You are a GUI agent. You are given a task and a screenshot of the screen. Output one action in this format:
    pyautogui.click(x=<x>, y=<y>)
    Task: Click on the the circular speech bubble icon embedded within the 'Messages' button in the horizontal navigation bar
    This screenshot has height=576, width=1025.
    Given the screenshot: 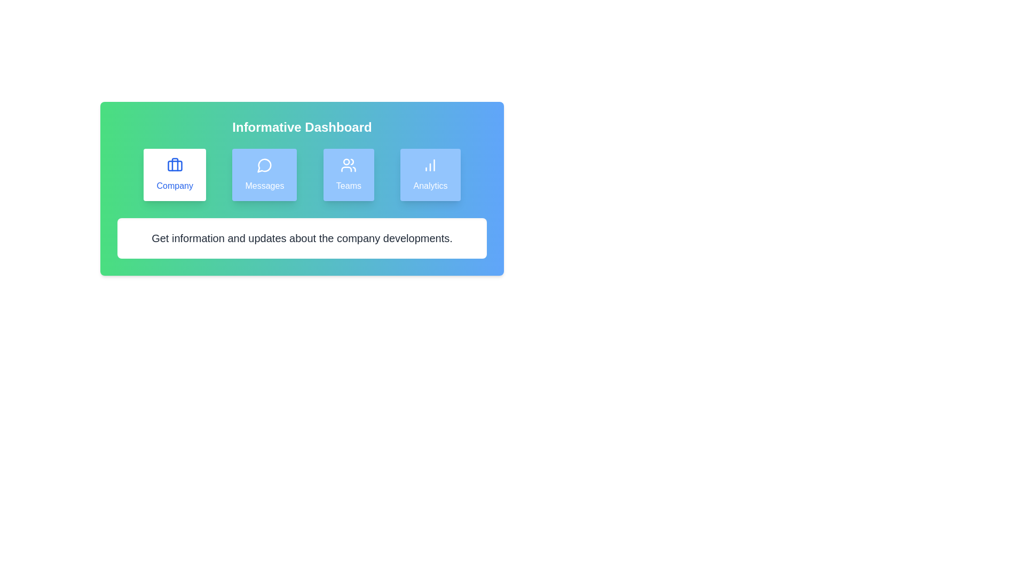 What is the action you would take?
    pyautogui.click(x=264, y=165)
    